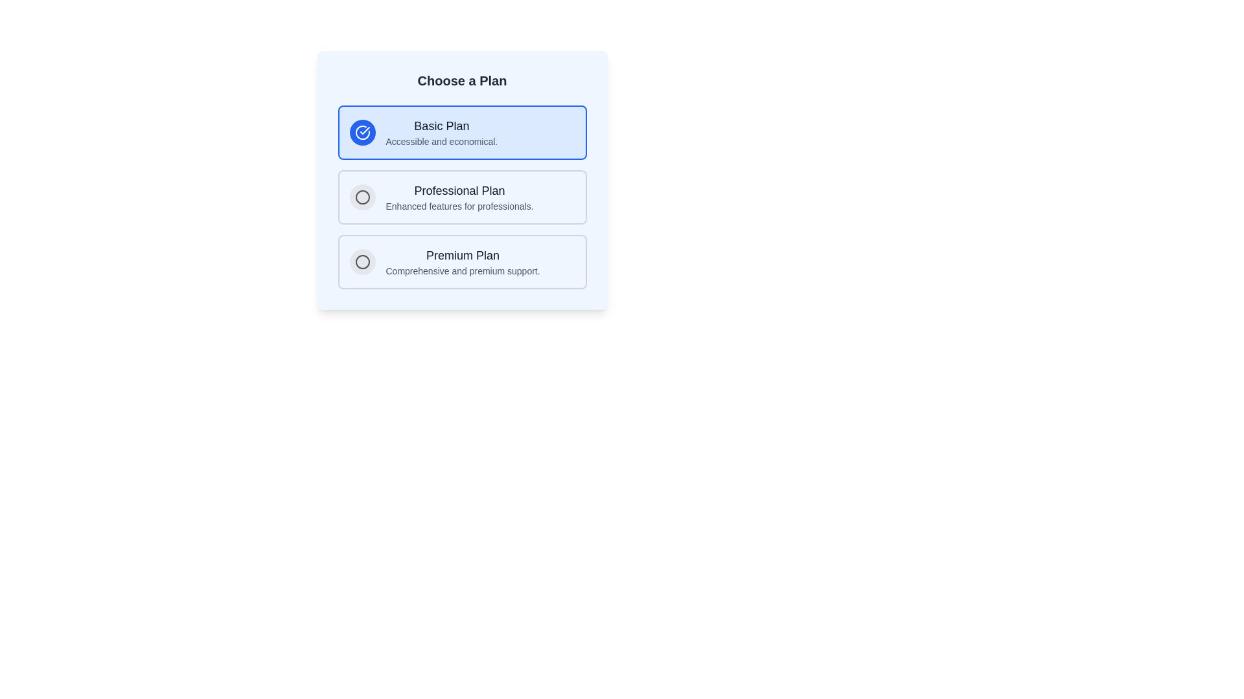 This screenshot has height=699, width=1244. Describe the element at coordinates (462, 180) in the screenshot. I see `one of the subscription plan options within the centrally located Card with options` at that location.